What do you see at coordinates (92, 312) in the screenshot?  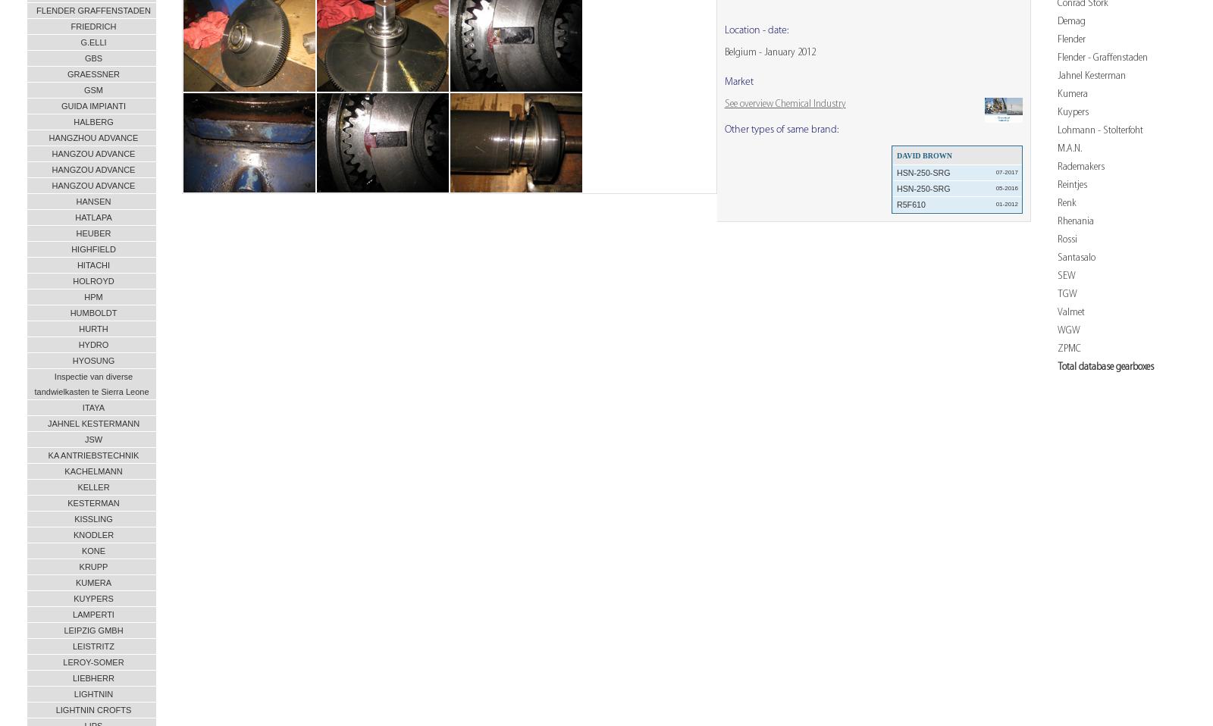 I see `'HUMBOLDT'` at bounding box center [92, 312].